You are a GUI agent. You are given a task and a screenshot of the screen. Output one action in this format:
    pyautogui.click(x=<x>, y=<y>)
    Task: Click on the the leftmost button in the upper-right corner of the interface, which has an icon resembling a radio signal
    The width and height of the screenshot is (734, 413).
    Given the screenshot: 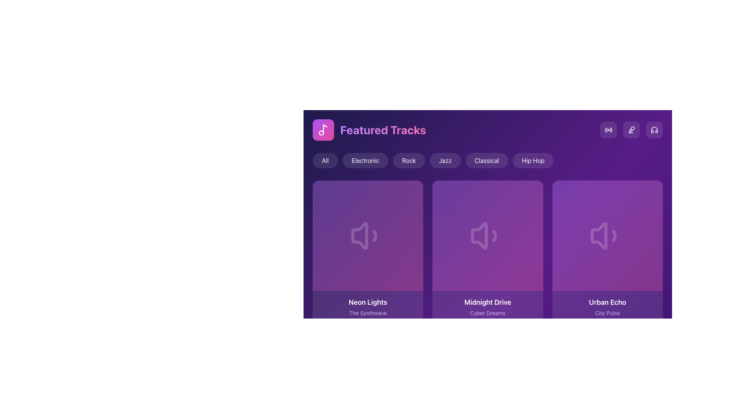 What is the action you would take?
    pyautogui.click(x=608, y=129)
    